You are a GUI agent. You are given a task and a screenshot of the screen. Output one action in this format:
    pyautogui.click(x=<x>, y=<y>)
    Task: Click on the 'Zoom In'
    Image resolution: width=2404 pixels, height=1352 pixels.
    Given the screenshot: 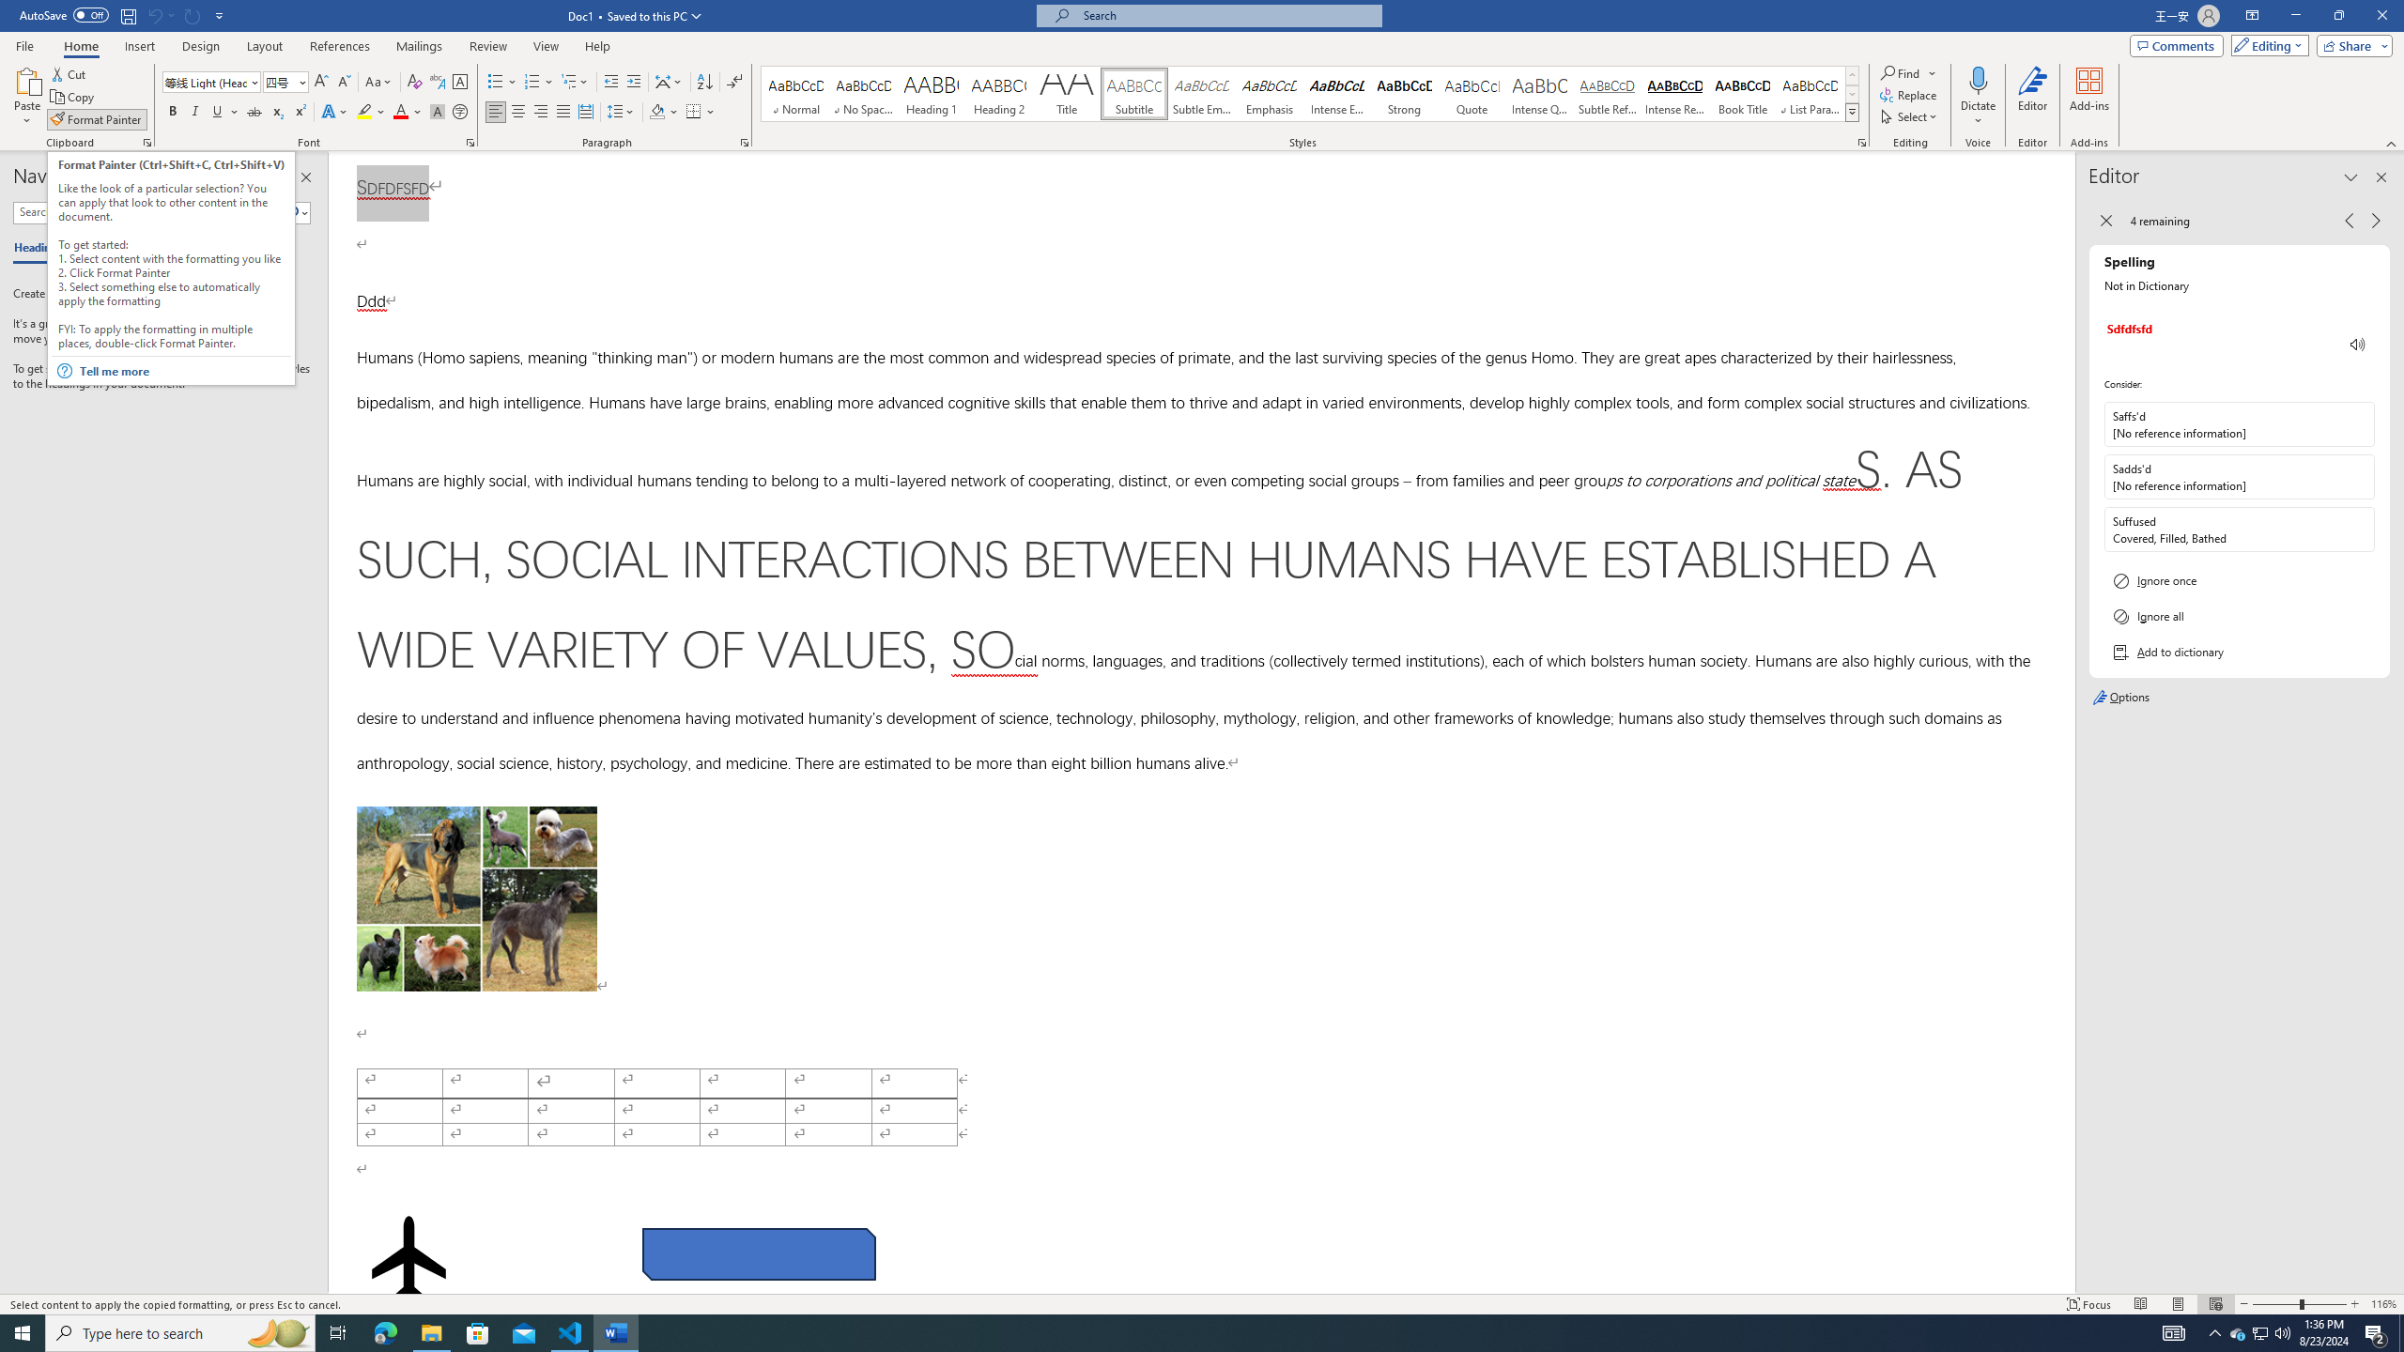 What is the action you would take?
    pyautogui.click(x=2354, y=1304)
    